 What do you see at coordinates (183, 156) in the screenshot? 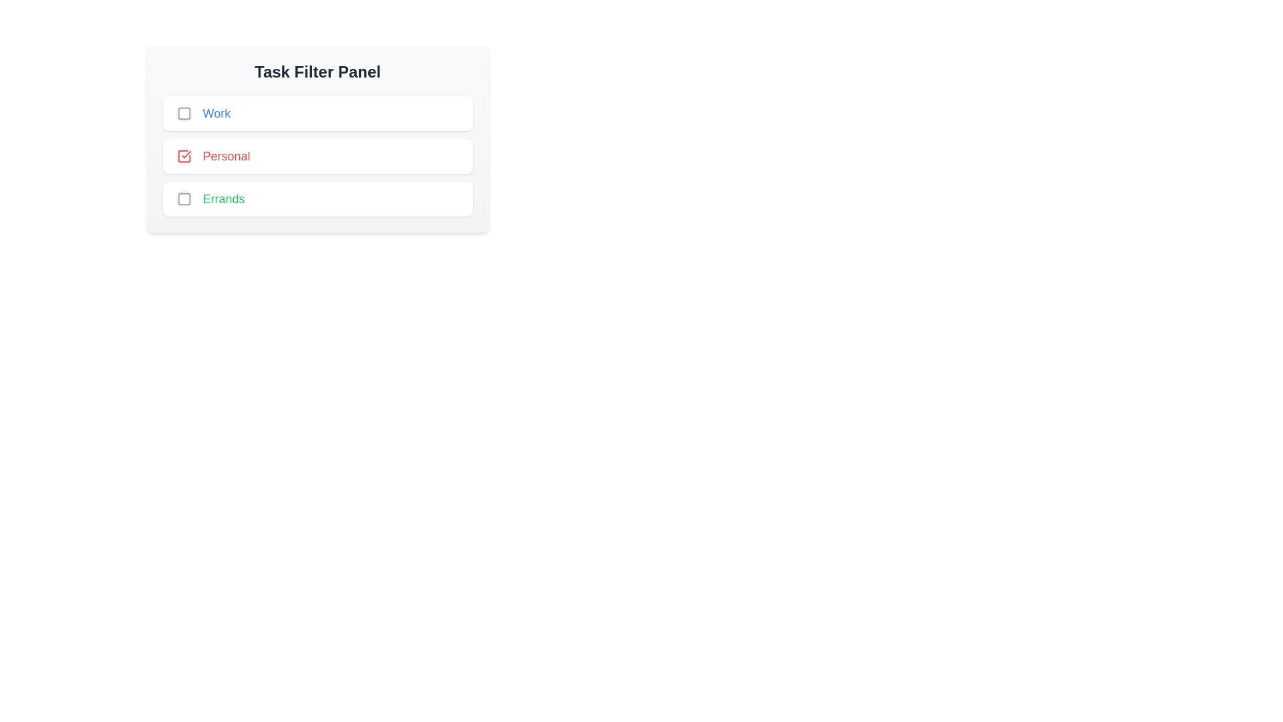
I see `the Graphic Icon (Checkbox Indicator)` at bounding box center [183, 156].